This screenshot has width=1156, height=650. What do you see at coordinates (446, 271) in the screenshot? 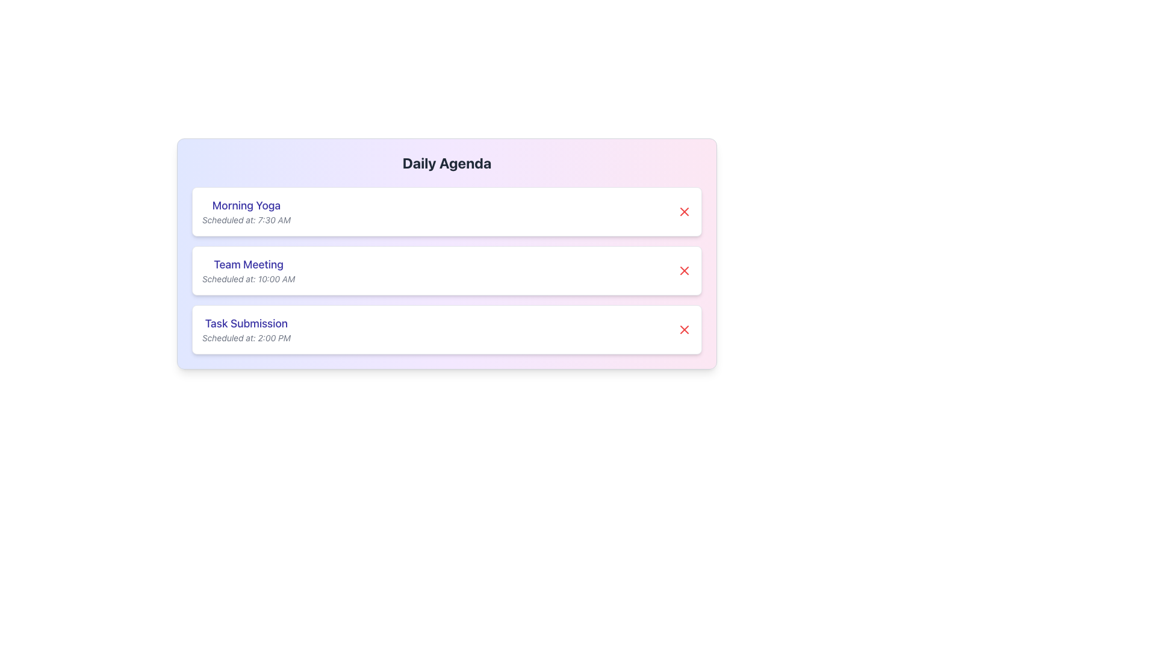
I see `the event details associated with the 'Team Meeting' list item in the 'Daily Agenda' section, which is the second card in a vertical sequence of three cards` at bounding box center [446, 271].